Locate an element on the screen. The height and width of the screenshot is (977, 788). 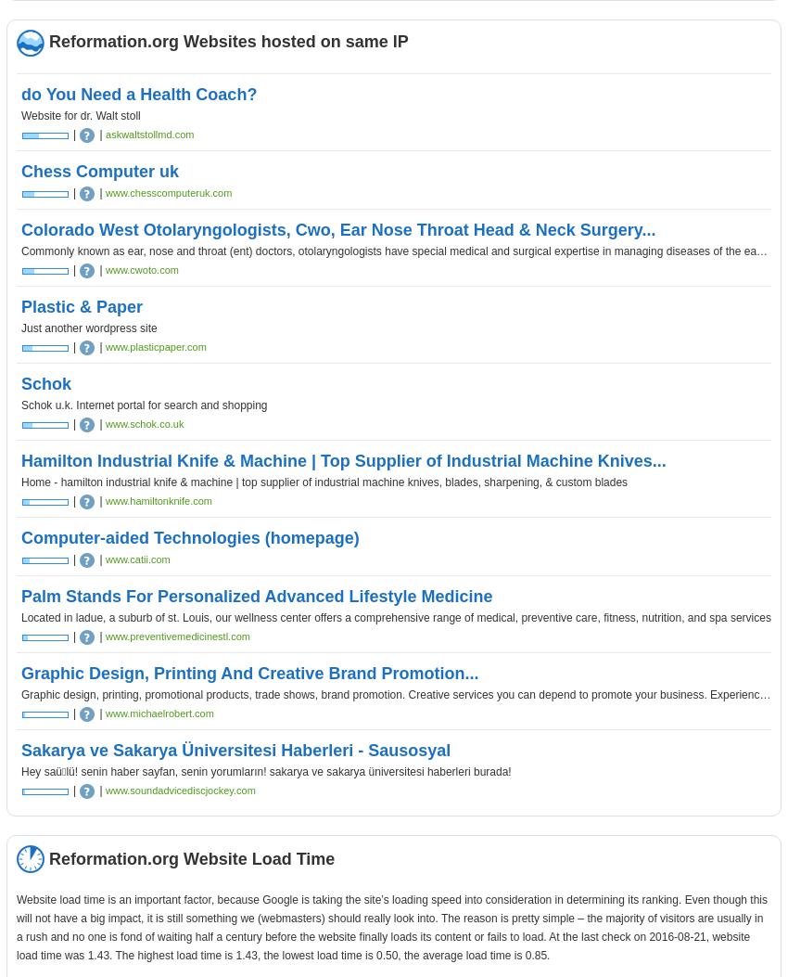
'Reformation.org Website Load Time' is located at coordinates (49, 858).